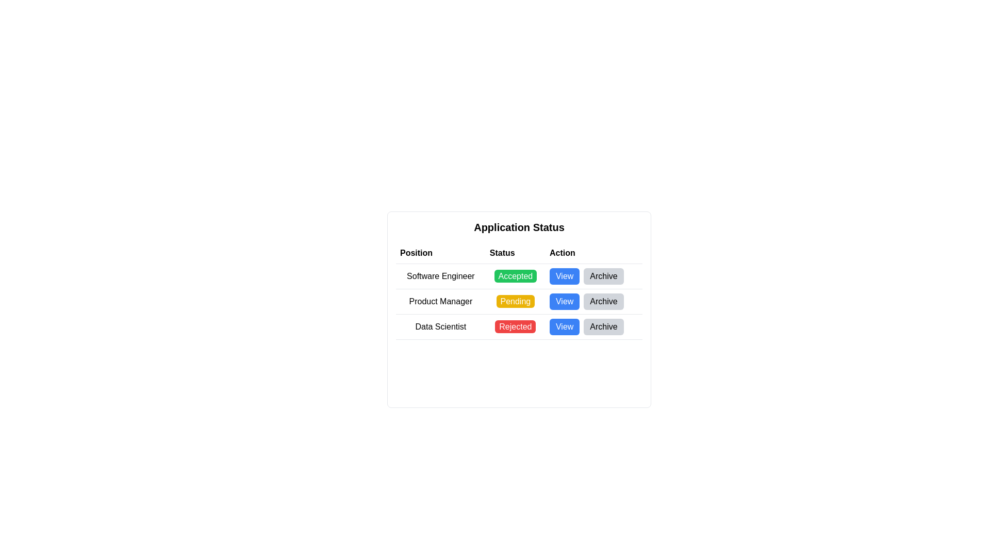 The width and height of the screenshot is (990, 557). I want to click on the 'View' button with a blue background and white text, located in the 'Action' column of the 'Application Status' table for the 'Product Manager' entry, so click(564, 302).